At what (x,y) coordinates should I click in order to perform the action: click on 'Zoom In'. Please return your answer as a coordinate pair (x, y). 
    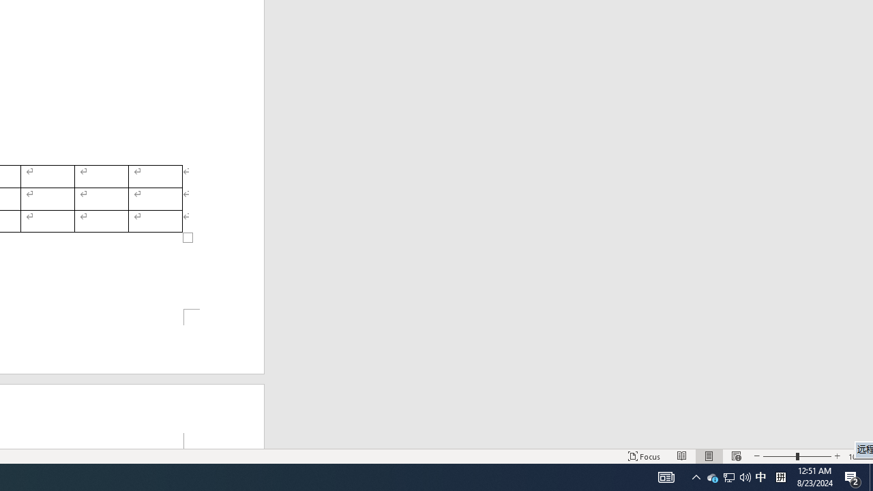
    Looking at the image, I should click on (836, 456).